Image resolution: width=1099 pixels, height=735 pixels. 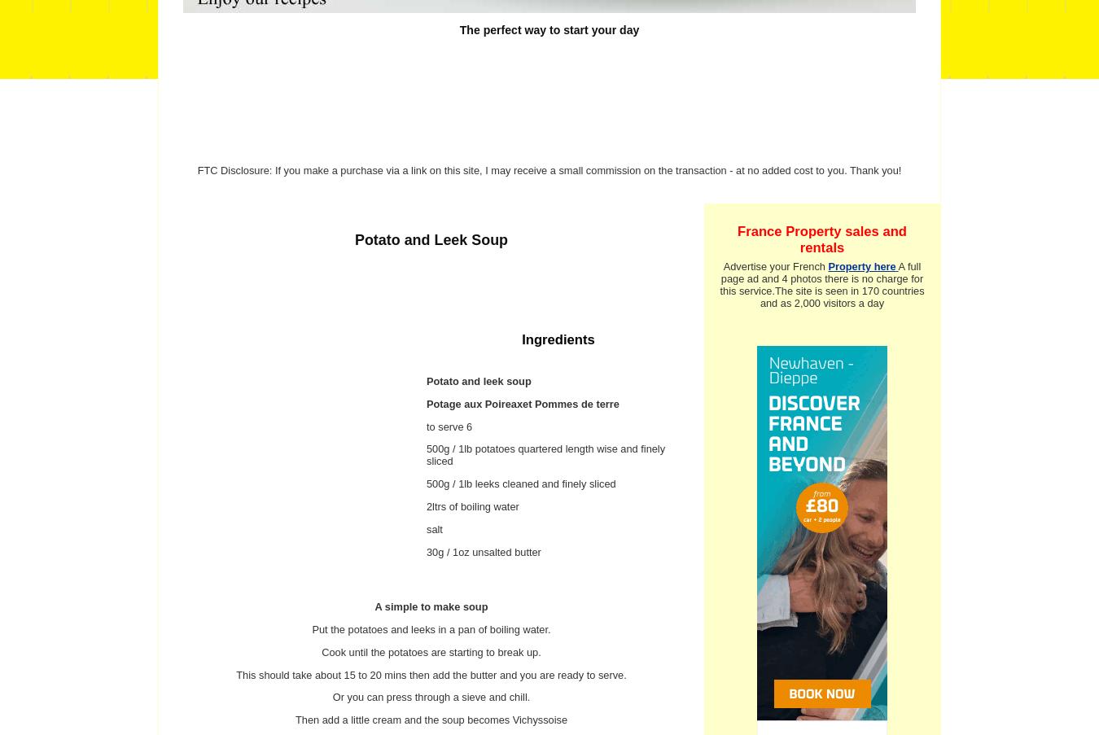 I want to click on '500g / 1lb leeks cleaned and finely sliced', so click(x=521, y=483).